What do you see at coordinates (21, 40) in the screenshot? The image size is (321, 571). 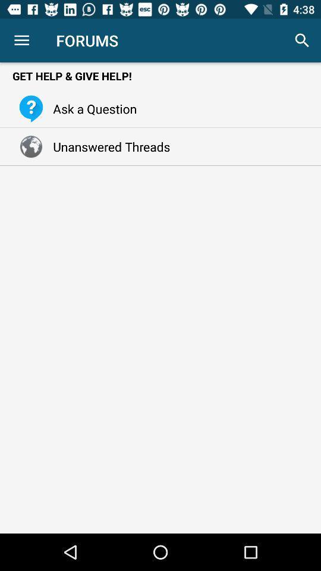 I see `icon above get help give` at bounding box center [21, 40].